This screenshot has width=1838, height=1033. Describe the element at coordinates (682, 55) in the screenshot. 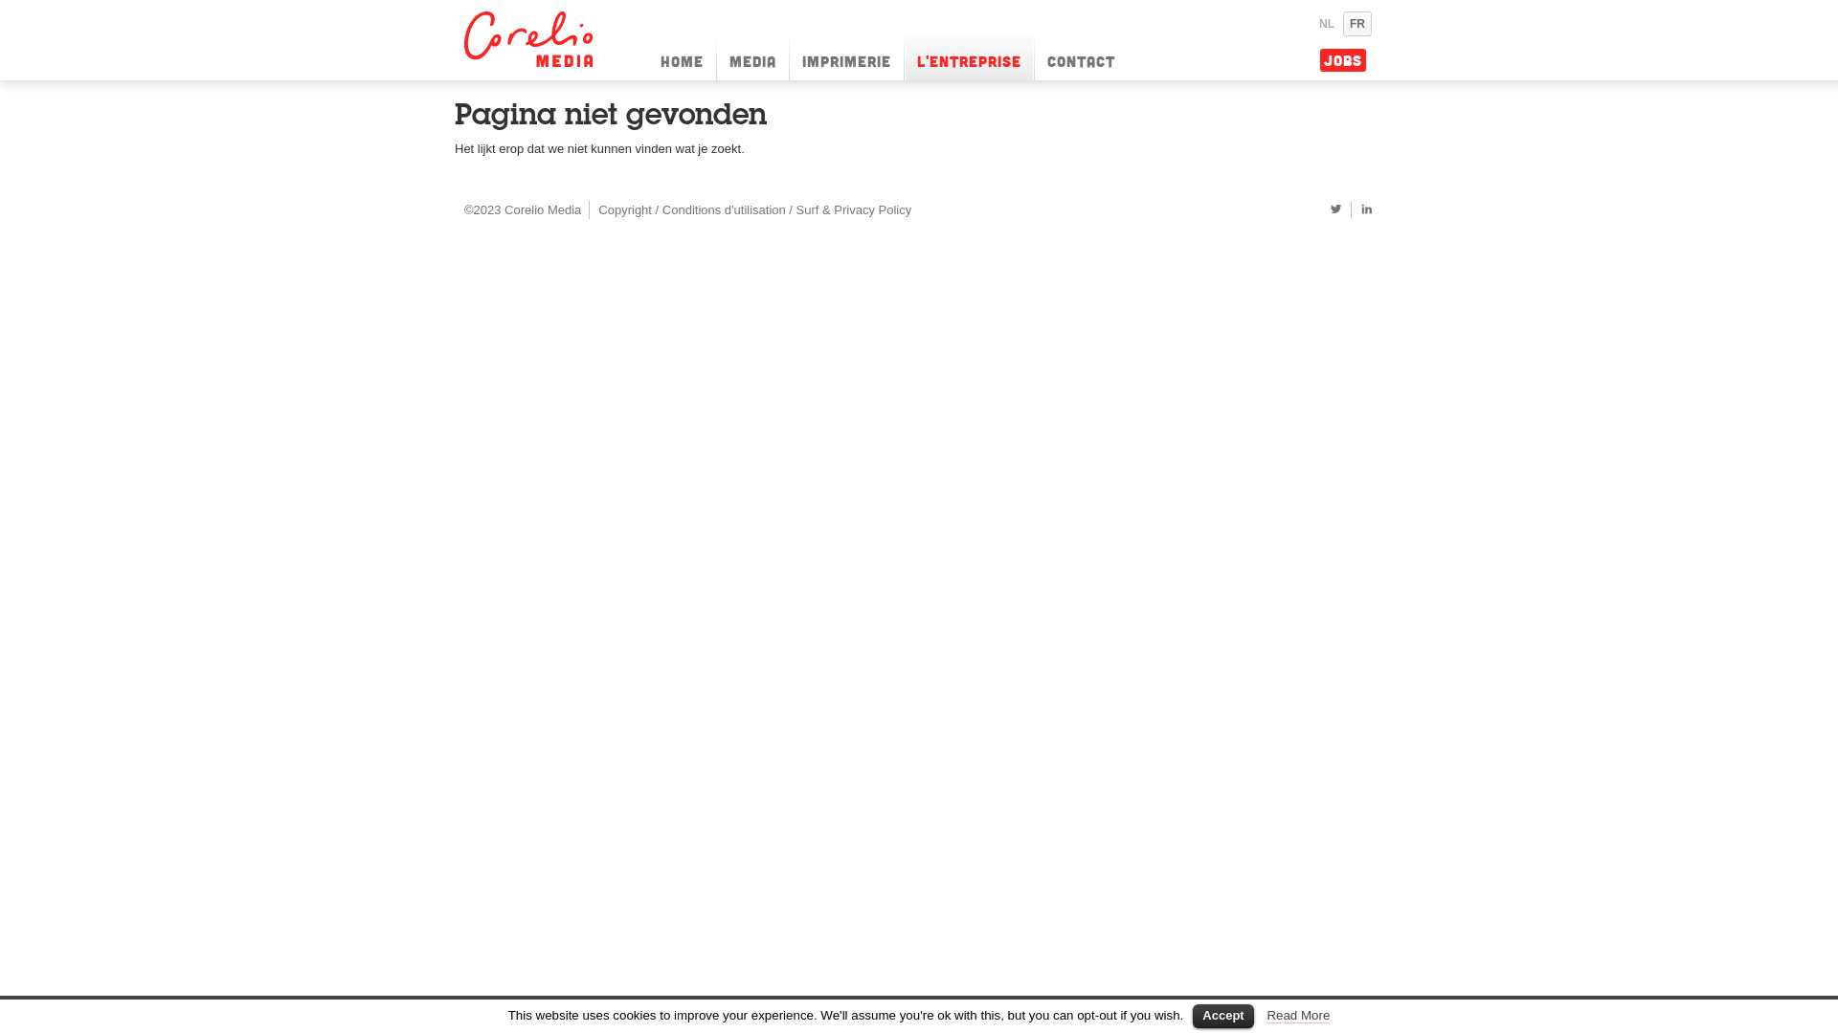

I see `'HOME'` at that location.